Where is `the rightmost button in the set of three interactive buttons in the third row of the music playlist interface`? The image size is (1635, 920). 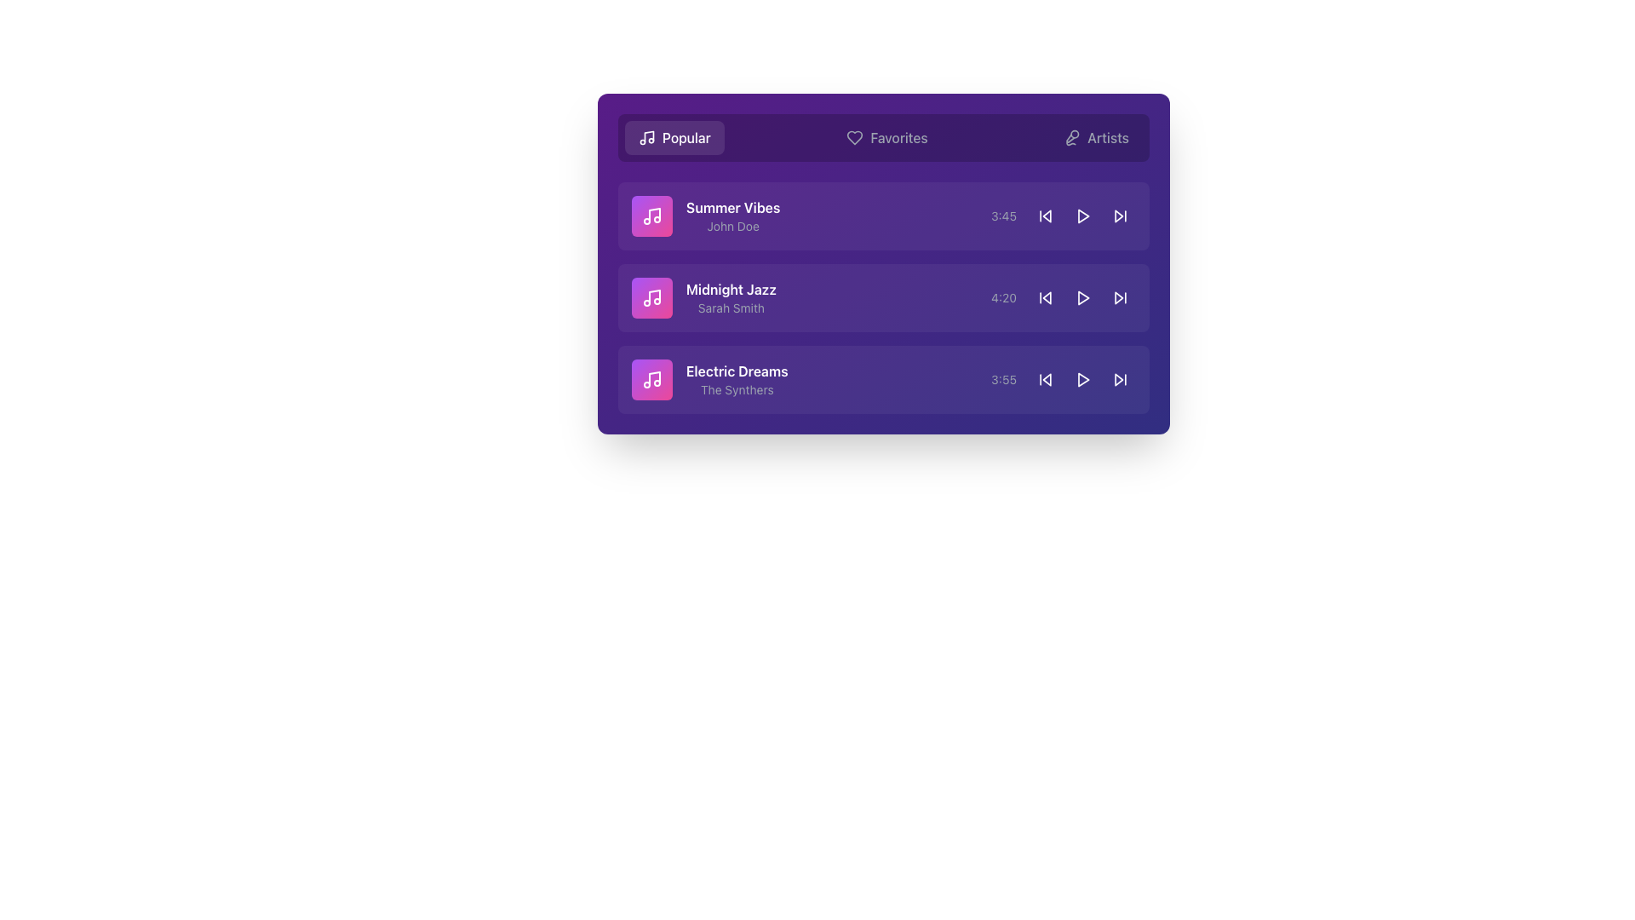 the rightmost button in the set of three interactive buttons in the third row of the music playlist interface is located at coordinates (1120, 379).